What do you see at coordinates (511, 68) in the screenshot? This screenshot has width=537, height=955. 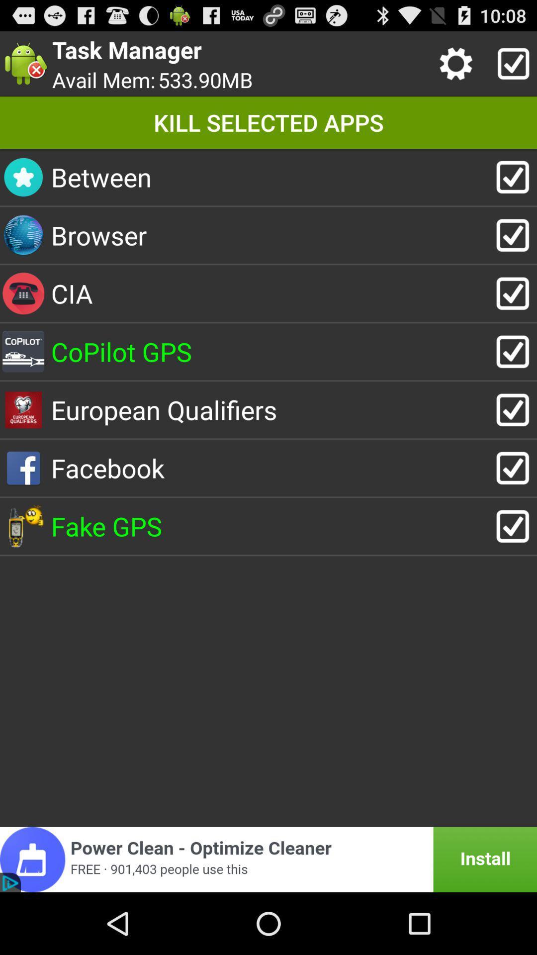 I see `the check icon` at bounding box center [511, 68].